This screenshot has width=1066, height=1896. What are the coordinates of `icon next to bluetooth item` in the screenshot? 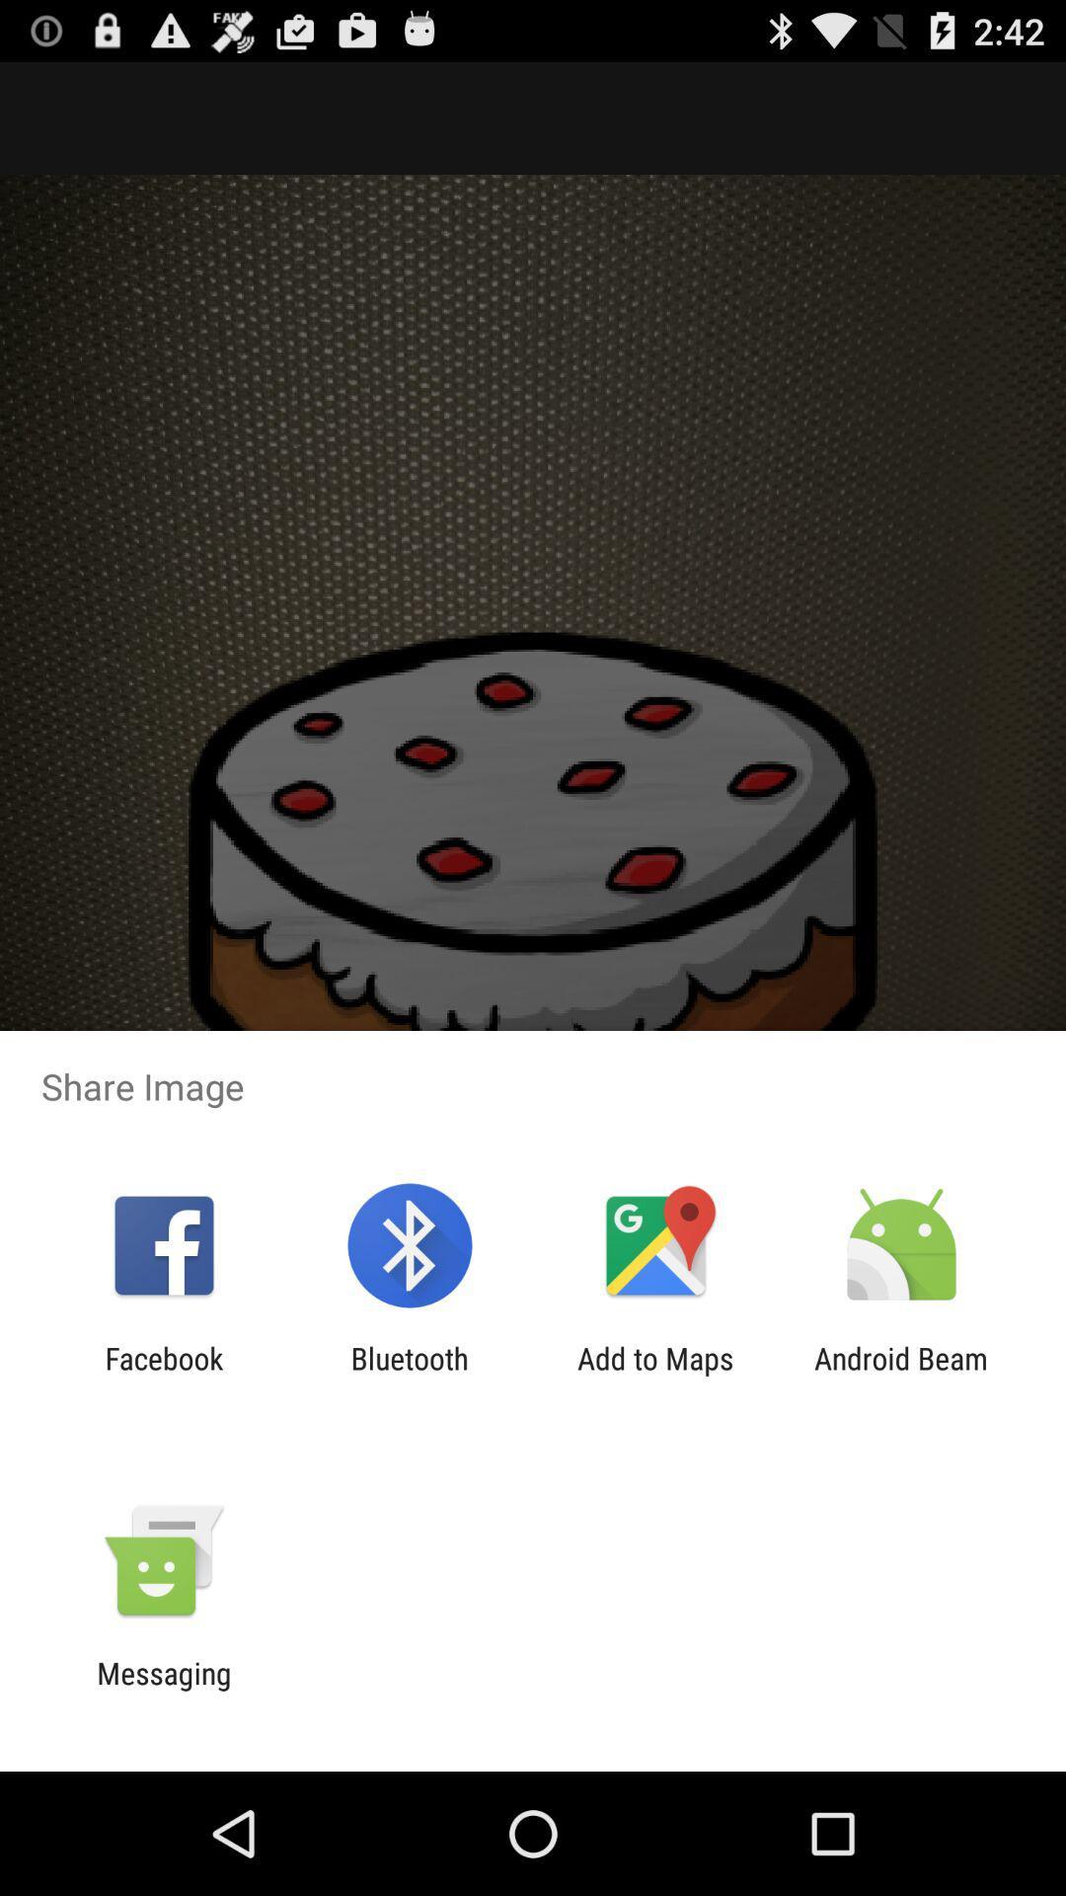 It's located at (655, 1375).